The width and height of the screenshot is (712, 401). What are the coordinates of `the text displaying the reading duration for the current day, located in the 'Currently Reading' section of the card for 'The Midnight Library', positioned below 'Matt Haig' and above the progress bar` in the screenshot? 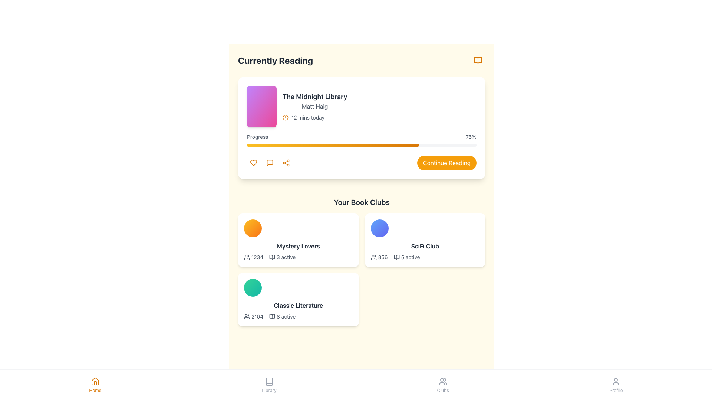 It's located at (308, 117).